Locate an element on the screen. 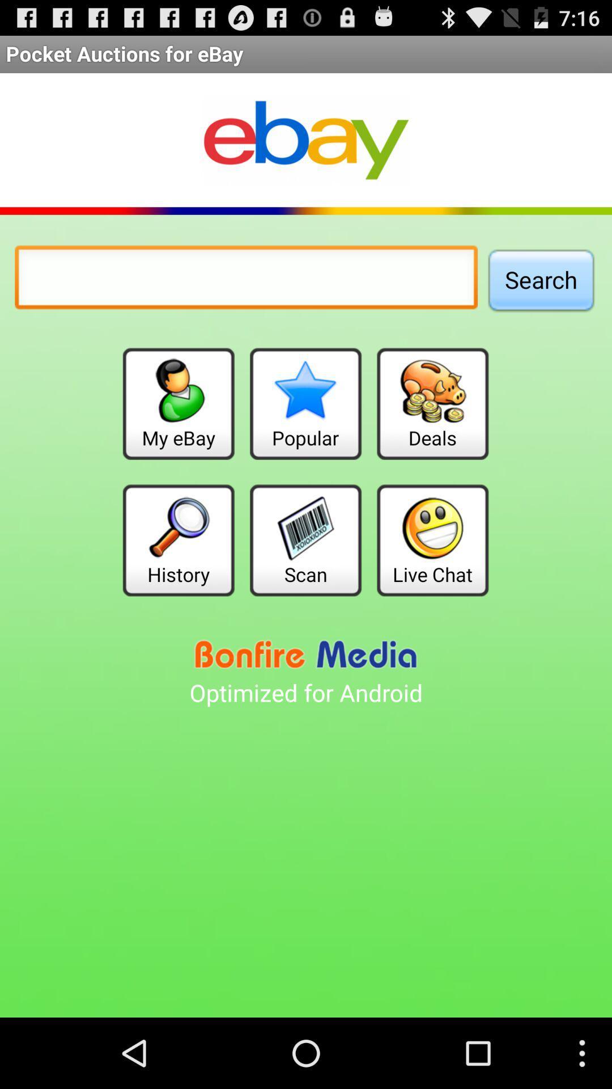  live chat icon is located at coordinates (432, 539).